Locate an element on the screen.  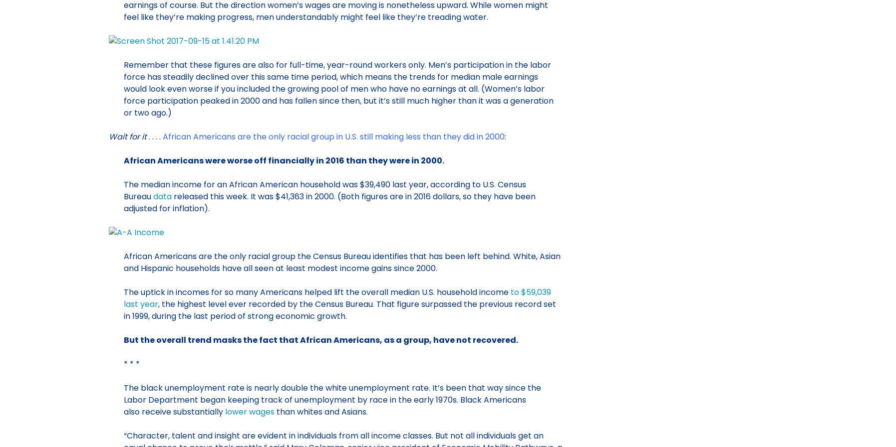
'. . . .' is located at coordinates (153, 136).